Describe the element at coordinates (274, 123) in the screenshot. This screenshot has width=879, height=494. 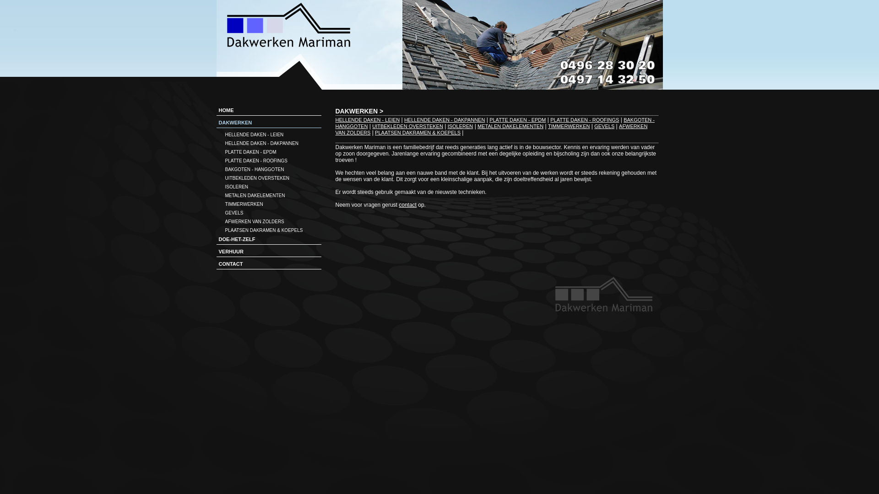
I see `'DAKWERKEN'` at that location.